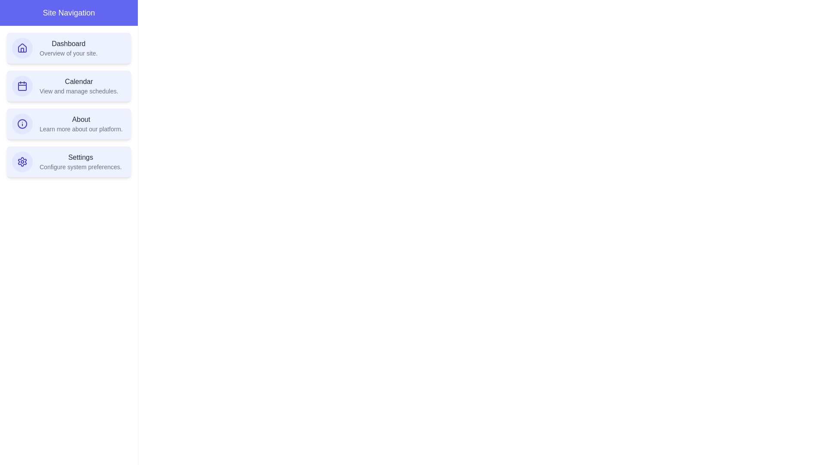  Describe the element at coordinates (81, 119) in the screenshot. I see `the text of the navigation item About` at that location.